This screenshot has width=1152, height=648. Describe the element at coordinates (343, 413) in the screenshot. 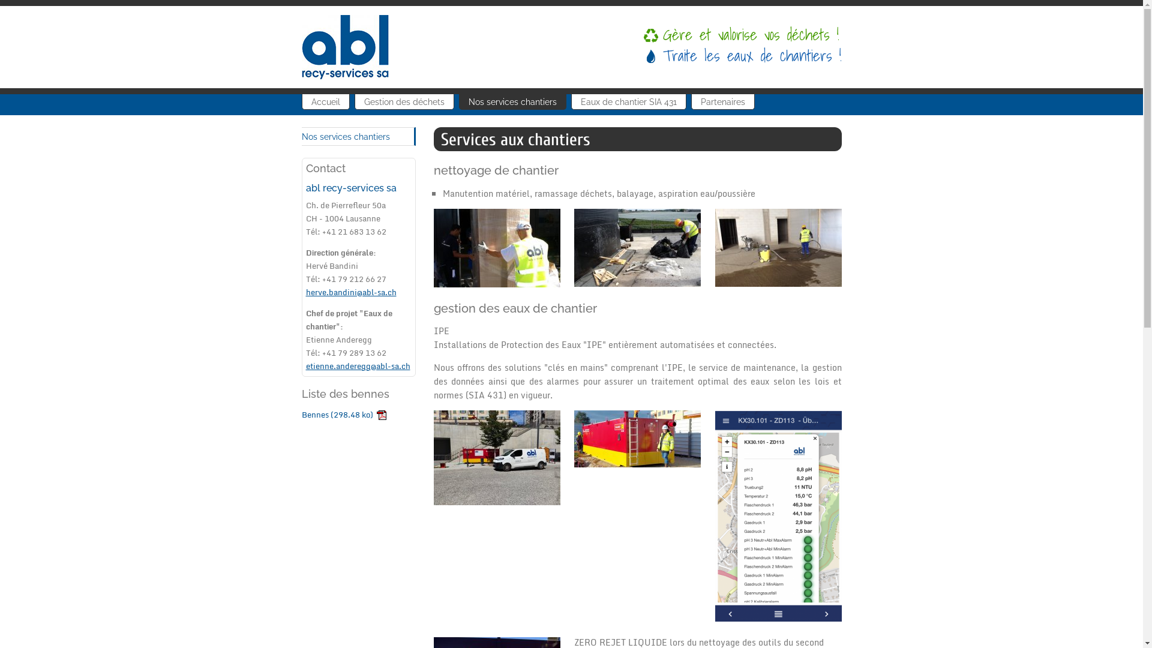

I see `'Bennes (298.48 ko)'` at that location.